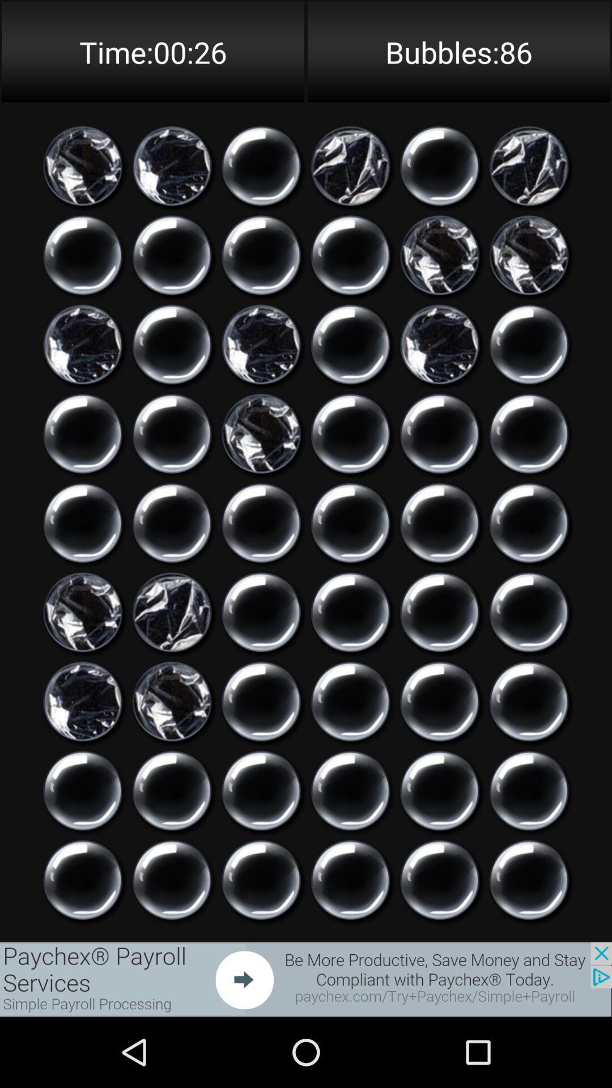  Describe the element at coordinates (350, 846) in the screenshot. I see `the refresh icon` at that location.